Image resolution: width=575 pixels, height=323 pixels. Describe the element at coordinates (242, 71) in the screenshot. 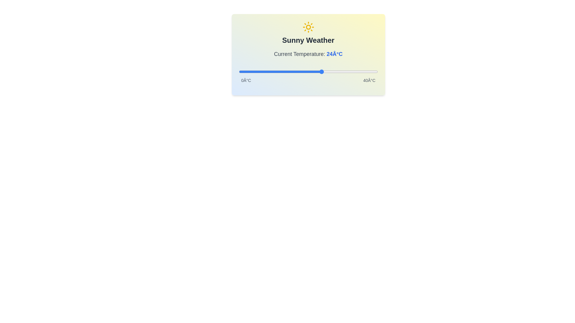

I see `the temperature slider` at that location.